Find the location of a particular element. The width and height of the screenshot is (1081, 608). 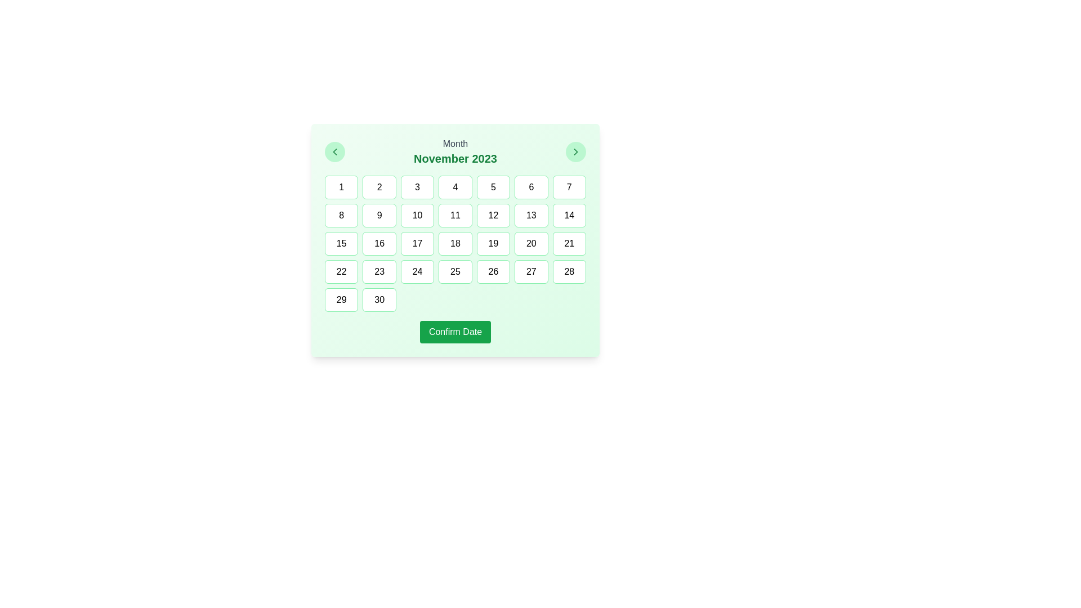

the rectangular button displaying the number '5' with a white background and green border is located at coordinates (493, 186).